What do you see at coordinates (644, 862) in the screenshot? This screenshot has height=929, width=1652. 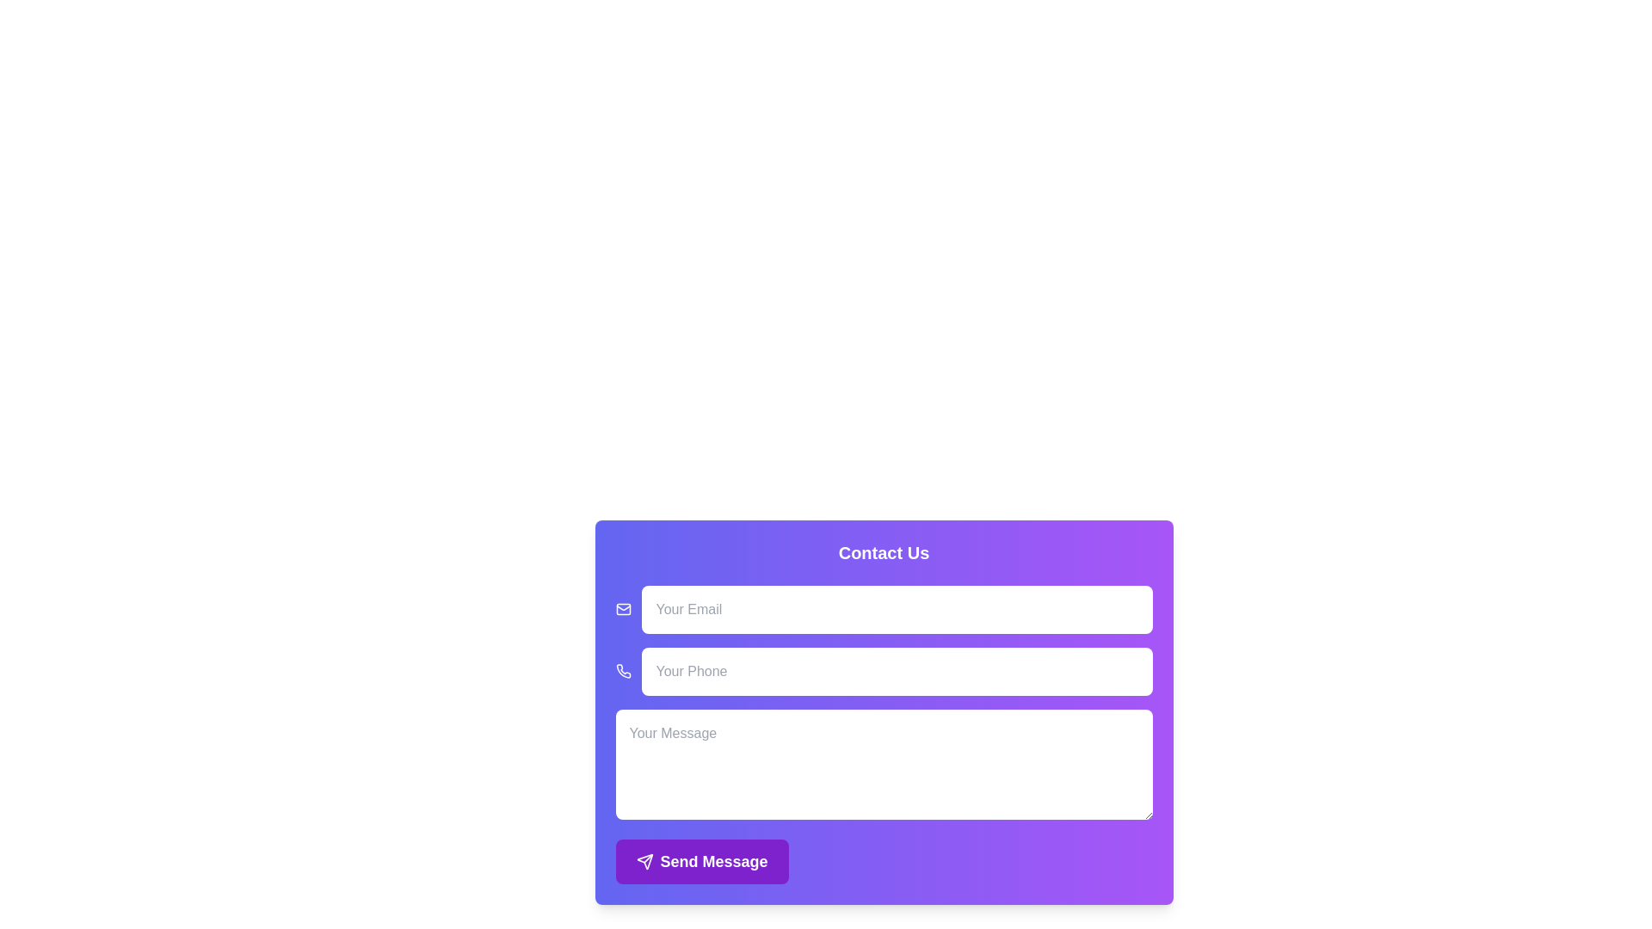 I see `the paper plane icon located within the 'Send Message' button at the bottom of the contact form` at bounding box center [644, 862].